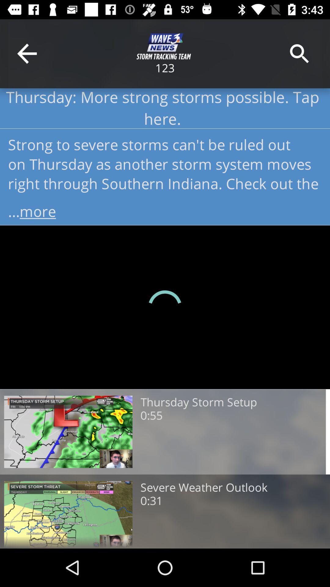 The image size is (330, 587). What do you see at coordinates (204, 487) in the screenshot?
I see `app above 0:31 item` at bounding box center [204, 487].